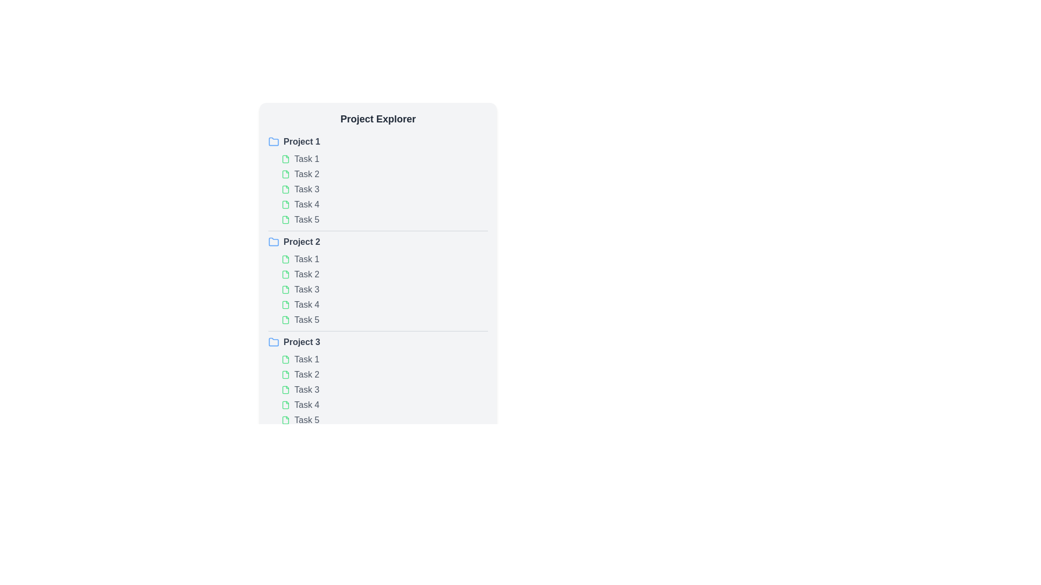  What do you see at coordinates (273, 242) in the screenshot?
I see `the small blue folder icon representing the Project 2 item` at bounding box center [273, 242].